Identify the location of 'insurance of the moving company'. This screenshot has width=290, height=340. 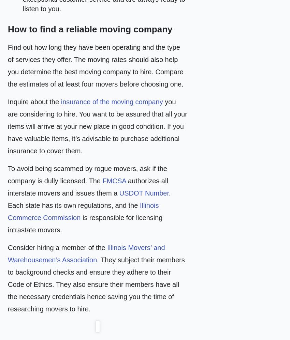
(60, 102).